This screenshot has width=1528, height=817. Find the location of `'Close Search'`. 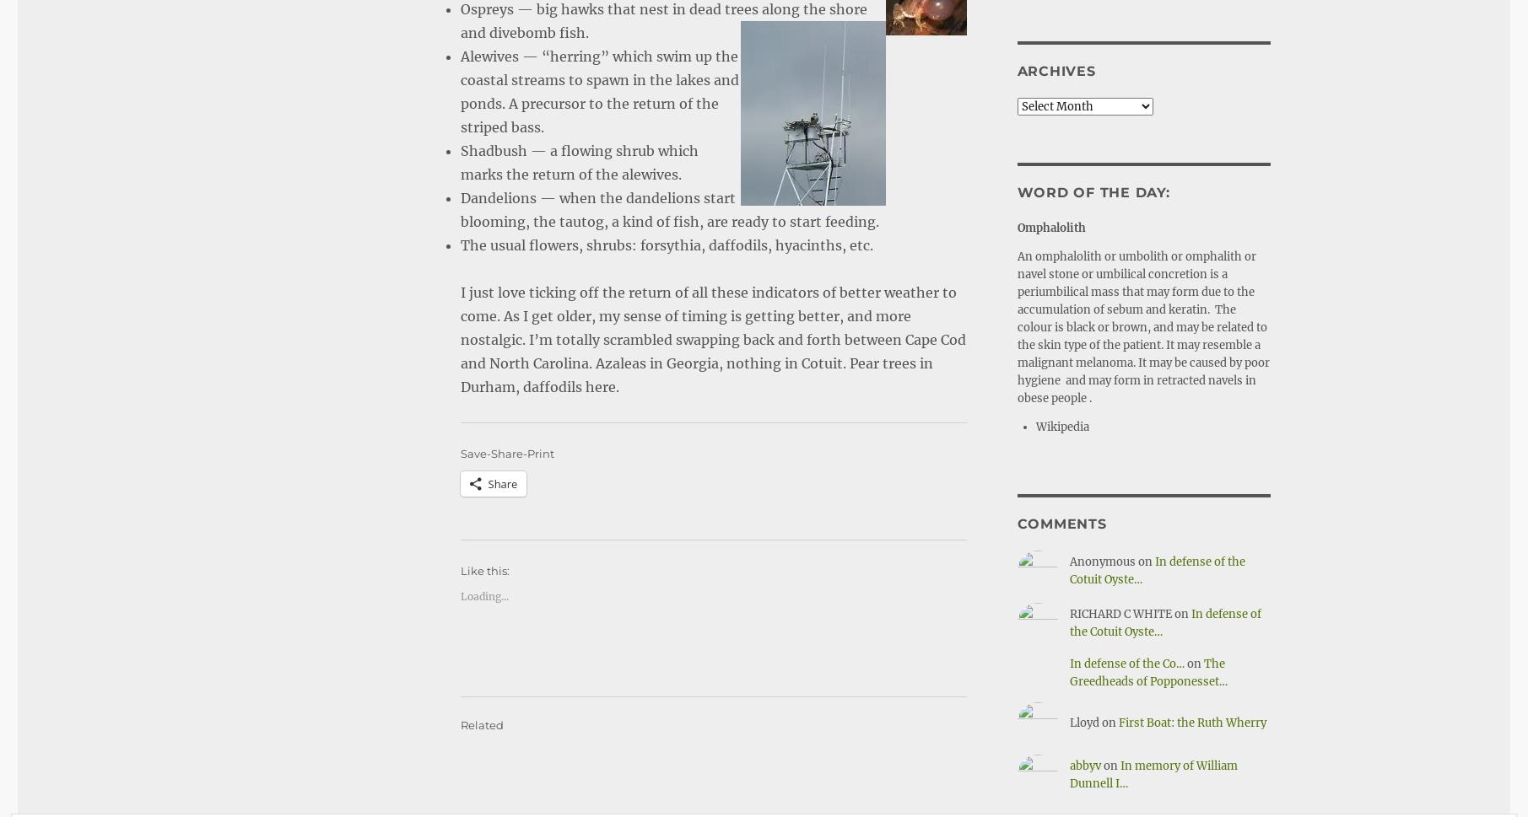

'Close Search' is located at coordinates (1462, 777).